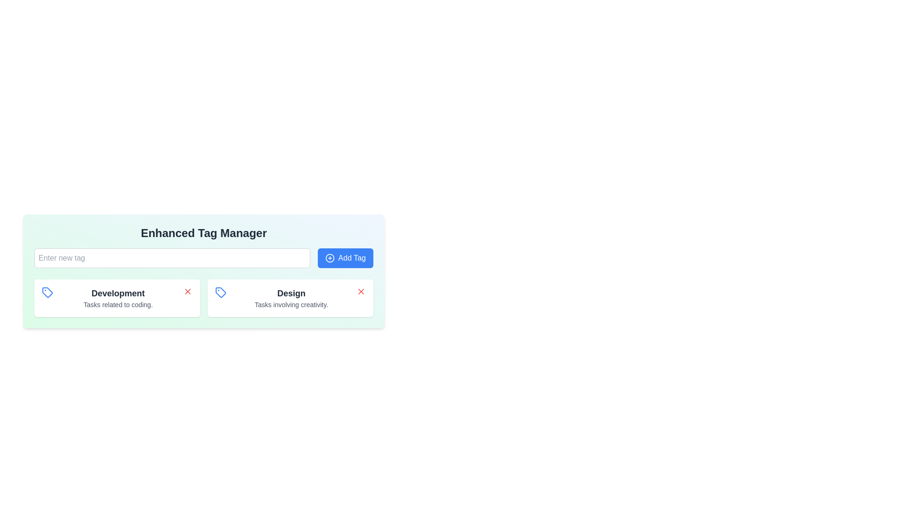 The width and height of the screenshot is (904, 508). I want to click on information from the labeled category card displaying 'Design' which is the second card in a horizontal arrangement, next to the 'Development' card and featuring a blue tag icon, so click(291, 298).